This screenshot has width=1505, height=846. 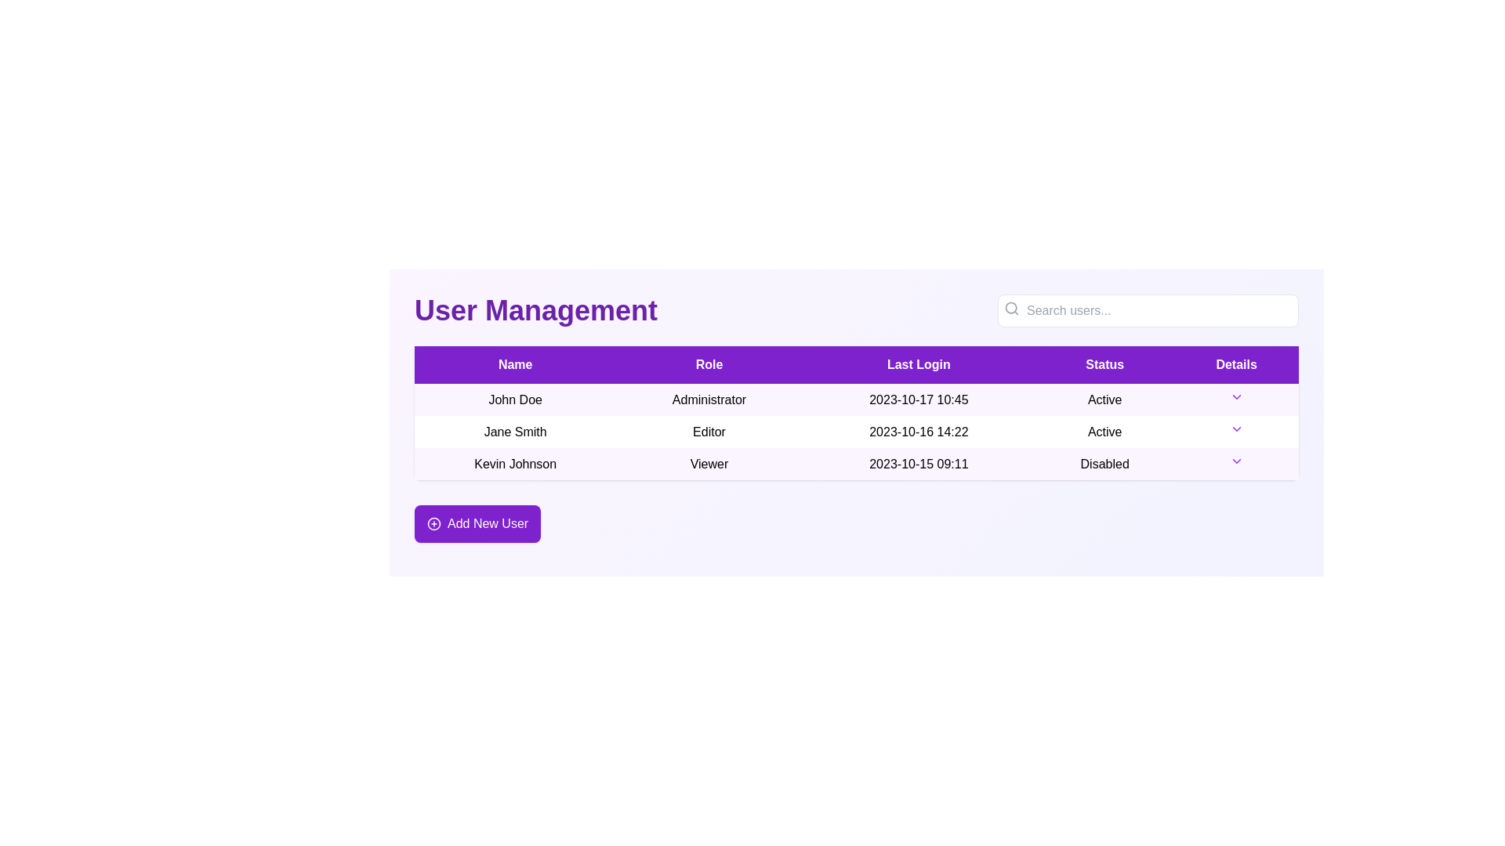 I want to click on the search bar containing the gray magnifying glass search icon located in the top-left corner adjacent to the placeholder text 'Search users...', so click(x=1012, y=308).